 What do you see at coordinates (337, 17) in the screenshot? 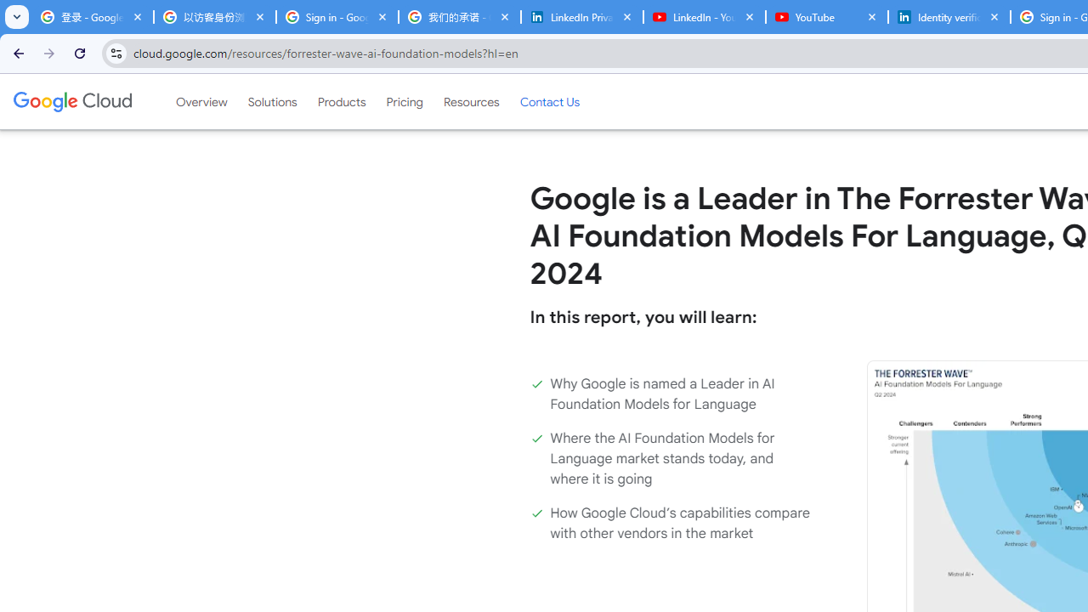
I see `'Sign in - Google Accounts'` at bounding box center [337, 17].